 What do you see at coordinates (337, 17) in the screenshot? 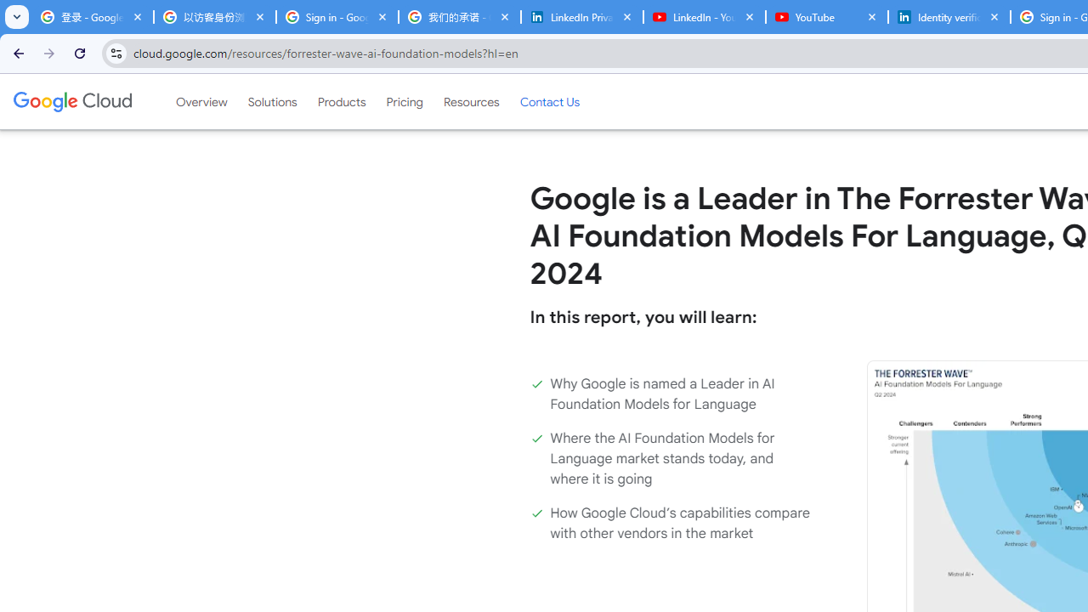
I see `'Sign in - Google Accounts'` at bounding box center [337, 17].